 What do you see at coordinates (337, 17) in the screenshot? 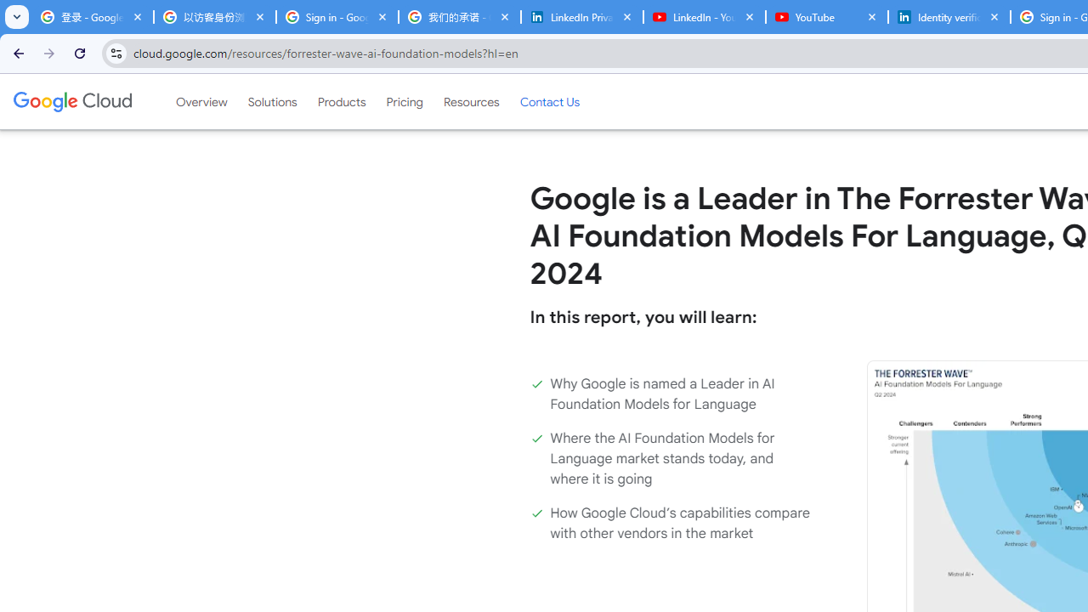
I see `'Sign in - Google Accounts'` at bounding box center [337, 17].